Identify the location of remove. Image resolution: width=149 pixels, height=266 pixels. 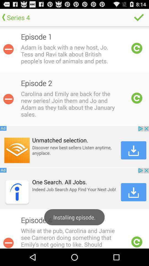
(8, 99).